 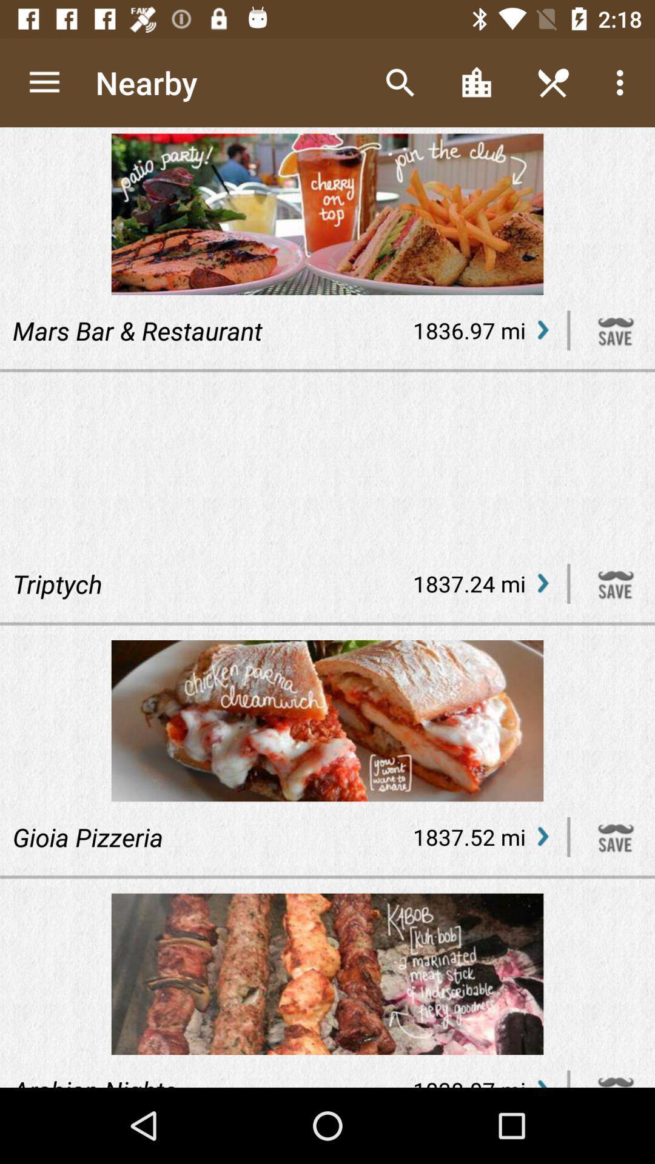 What do you see at coordinates (616, 836) in the screenshot?
I see `button` at bounding box center [616, 836].